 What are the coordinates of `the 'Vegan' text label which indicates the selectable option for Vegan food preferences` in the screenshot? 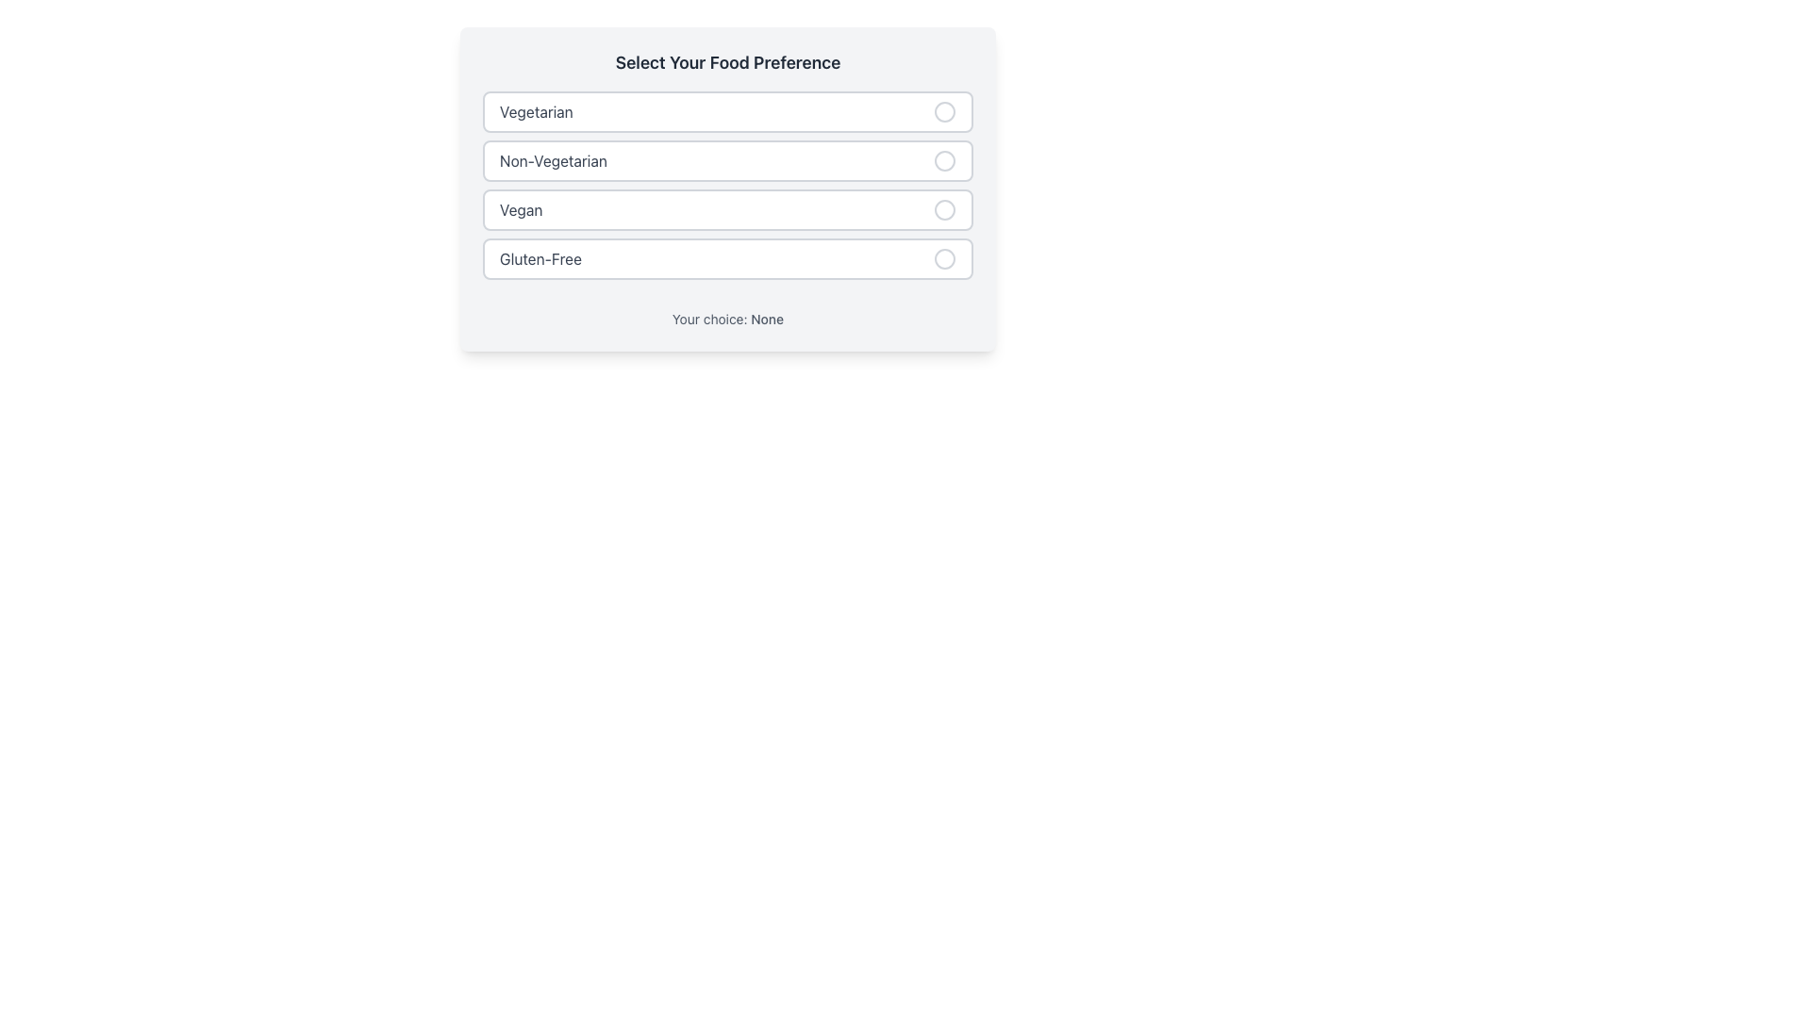 It's located at (521, 210).